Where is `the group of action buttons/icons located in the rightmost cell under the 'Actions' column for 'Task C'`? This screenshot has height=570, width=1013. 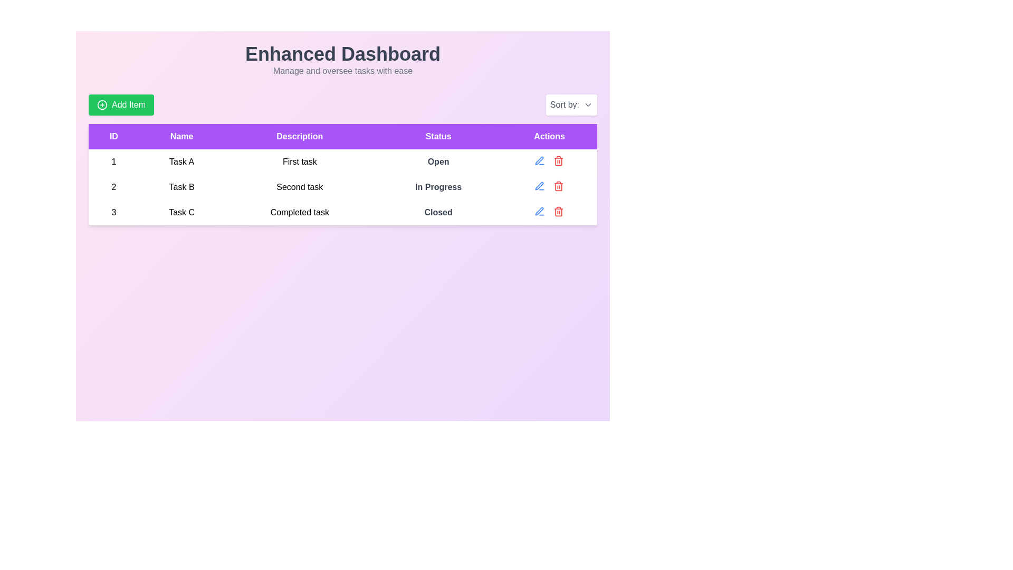
the group of action buttons/icons located in the rightmost cell under the 'Actions' column for 'Task C' is located at coordinates (549, 212).